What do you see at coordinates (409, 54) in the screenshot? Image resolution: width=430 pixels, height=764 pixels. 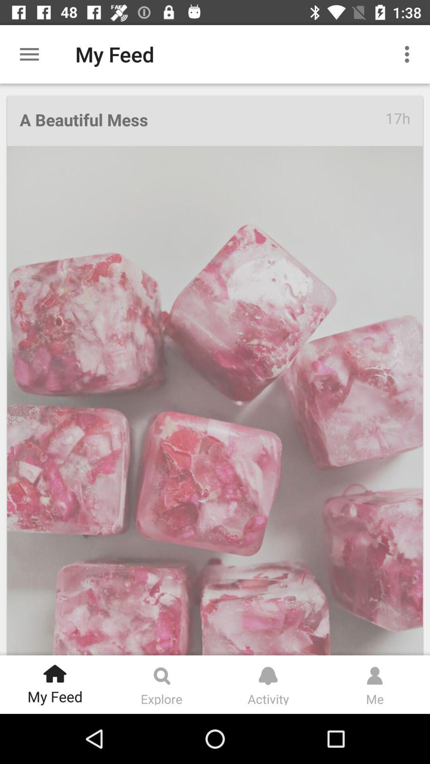 I see `the icon to the right of the my feed item` at bounding box center [409, 54].